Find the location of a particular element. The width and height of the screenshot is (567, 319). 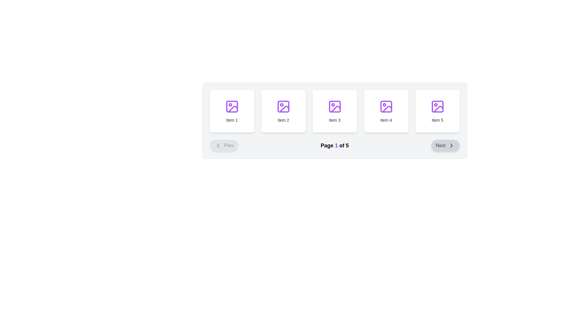

rightward-pointing chevron icon, which is styled with a thin outline and rounded edges, located at the far right of the 'Next' button in the navigation interface is located at coordinates (451, 146).